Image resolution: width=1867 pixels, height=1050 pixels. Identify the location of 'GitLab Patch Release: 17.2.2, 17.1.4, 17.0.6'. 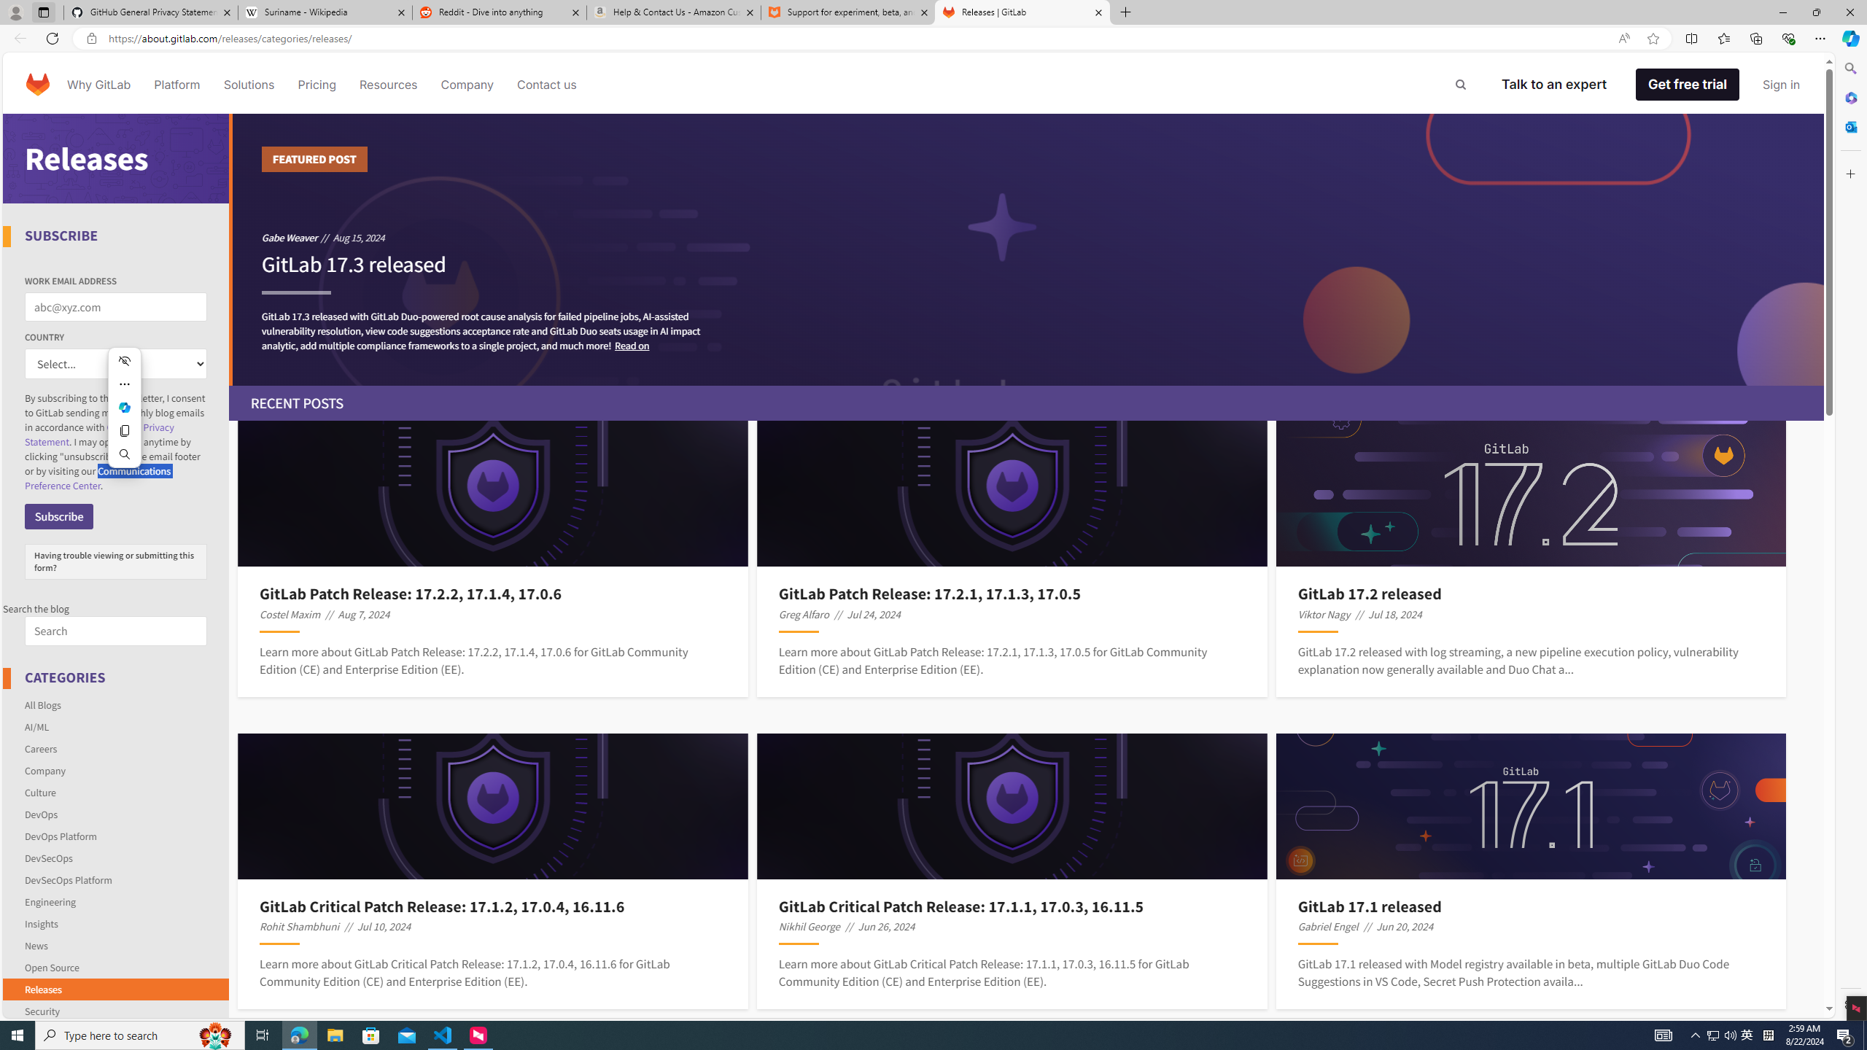
(492, 594).